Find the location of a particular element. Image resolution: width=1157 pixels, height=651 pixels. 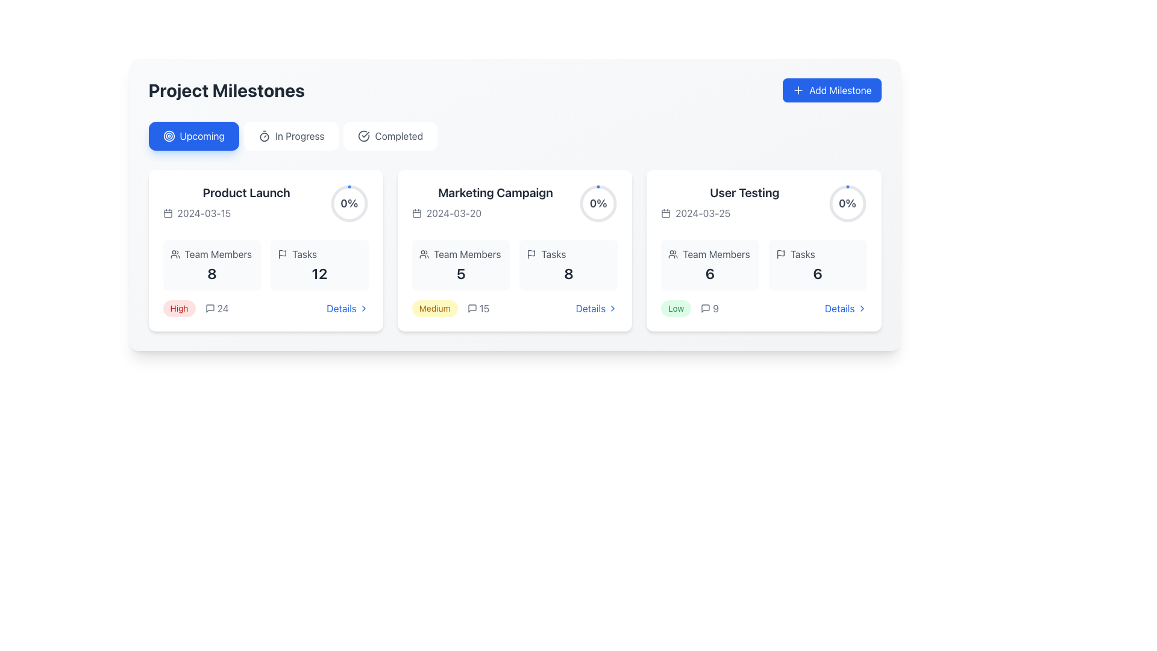

large, bold number '6' displayed in the card labeled 'User Testing' under the 'Team Members' section is located at coordinates (710, 274).